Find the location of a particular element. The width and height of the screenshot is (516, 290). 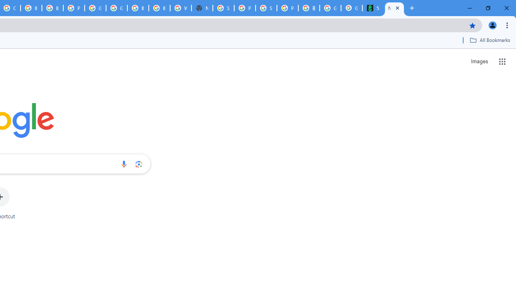

'New Tab' is located at coordinates (394, 8).